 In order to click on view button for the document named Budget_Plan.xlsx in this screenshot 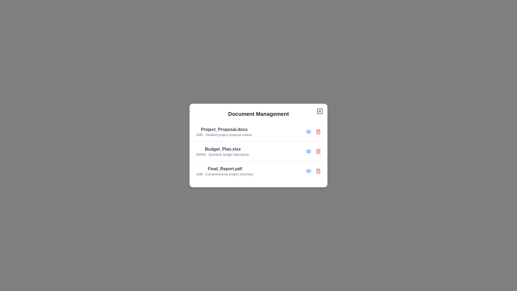, I will do `click(309, 151)`.